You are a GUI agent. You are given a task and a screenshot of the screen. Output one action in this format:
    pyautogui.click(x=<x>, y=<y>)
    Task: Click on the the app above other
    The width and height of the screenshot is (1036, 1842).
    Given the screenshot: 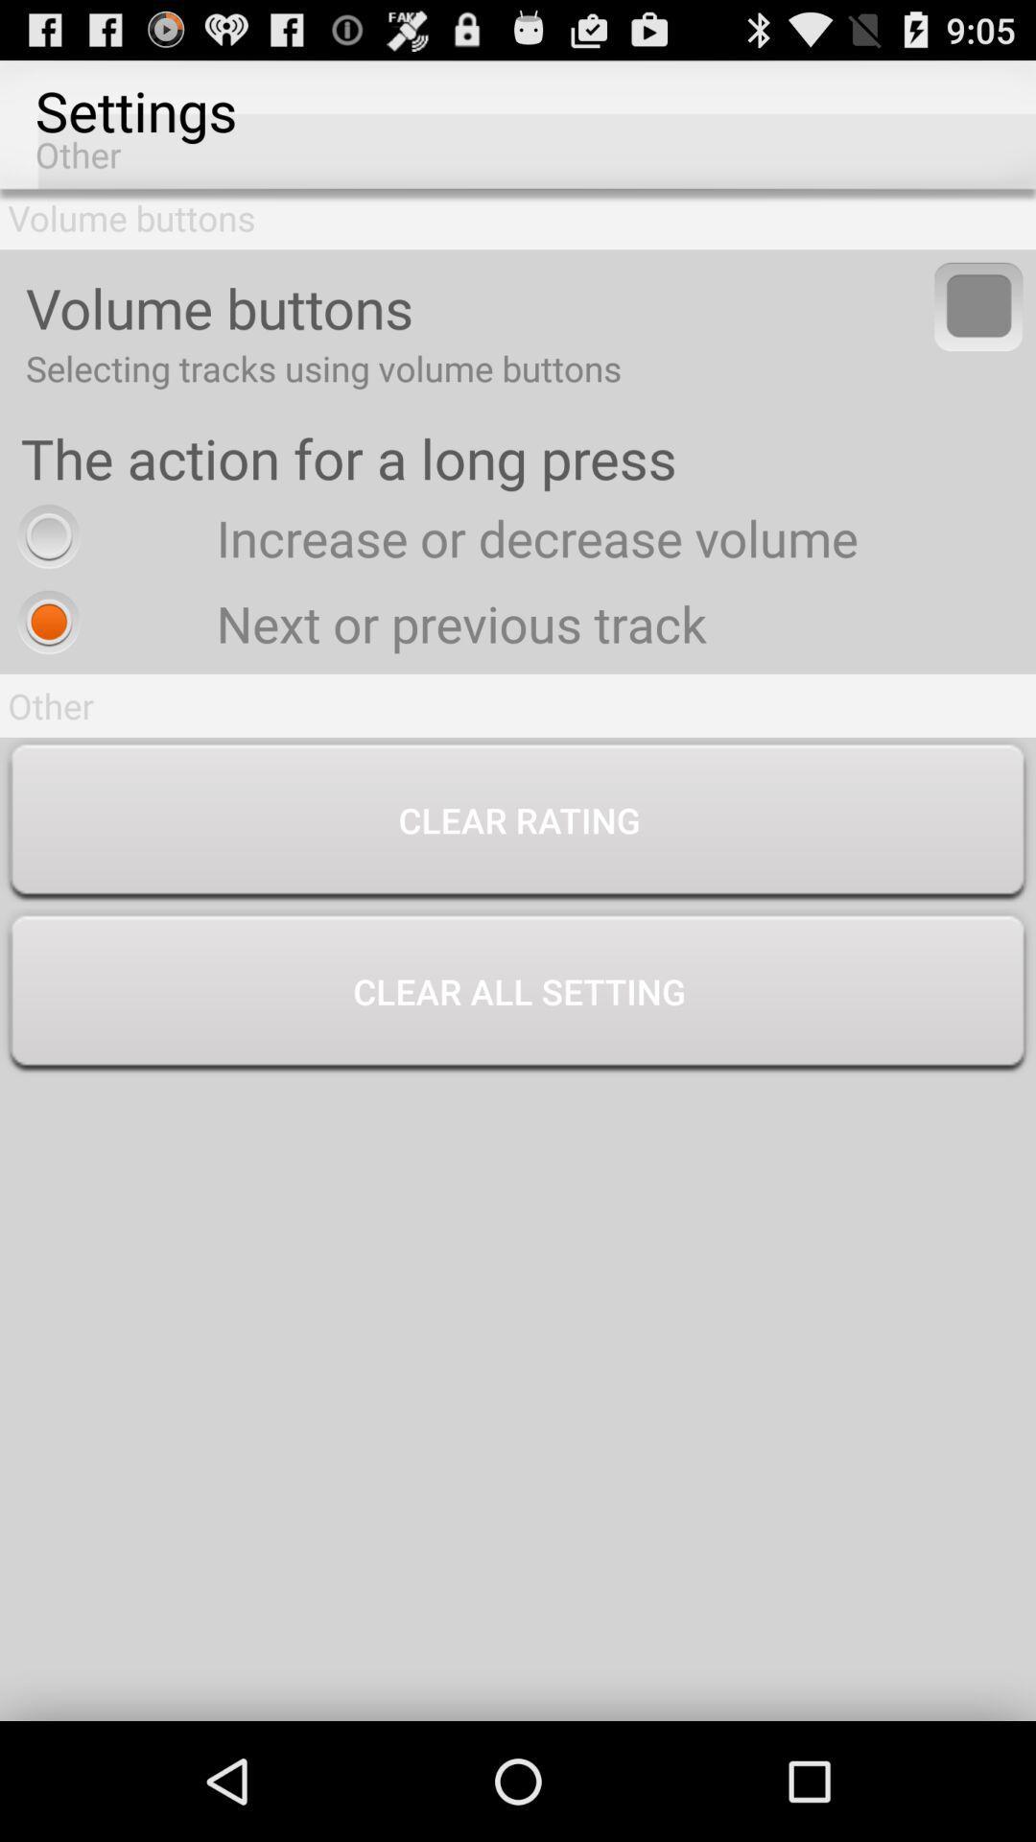 What is the action you would take?
    pyautogui.click(x=357, y=623)
    